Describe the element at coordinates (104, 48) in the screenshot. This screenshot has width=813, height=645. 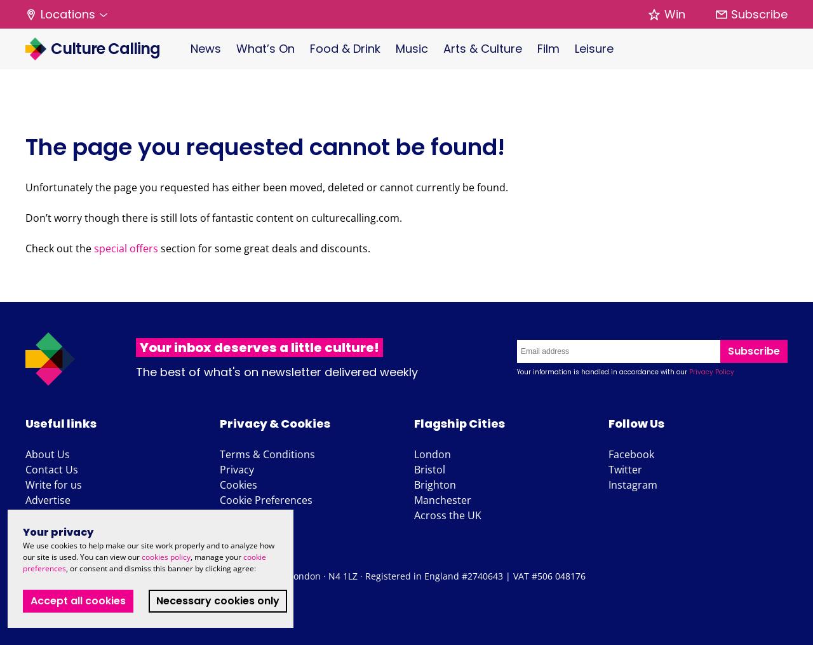
I see `'Culture Calling'` at that location.